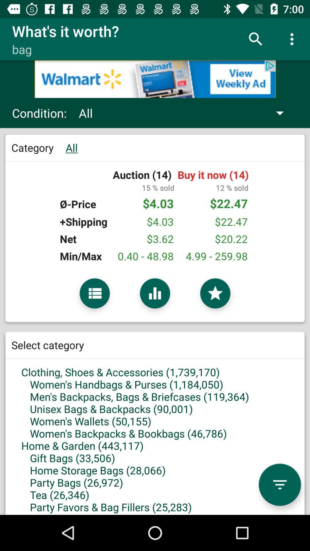 The height and width of the screenshot is (551, 310). Describe the element at coordinates (215, 293) in the screenshot. I see `shows star symbol` at that location.